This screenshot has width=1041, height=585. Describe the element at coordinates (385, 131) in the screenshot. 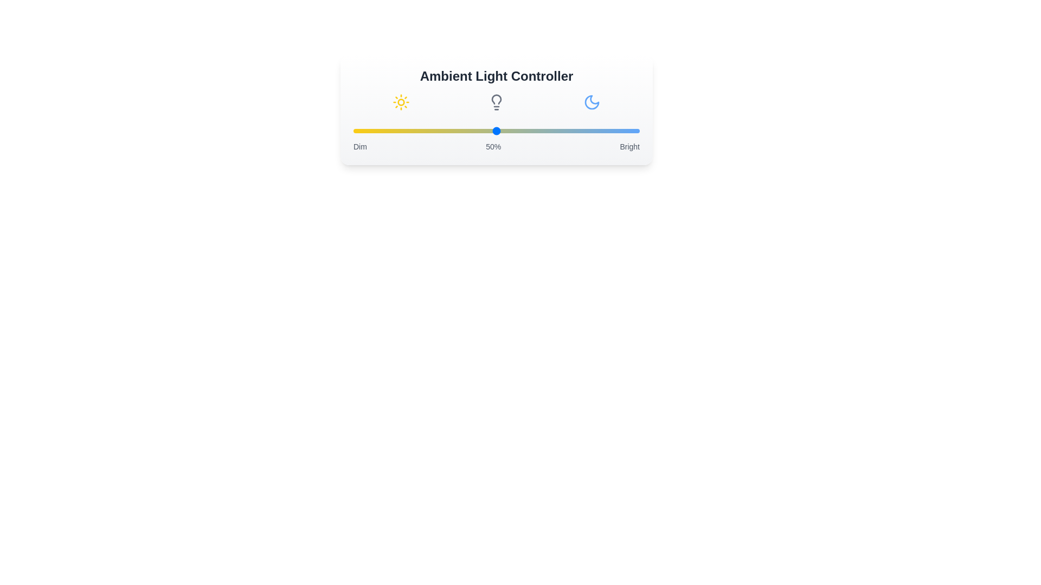

I see `the light intensity to 11% by moving the slider` at that location.